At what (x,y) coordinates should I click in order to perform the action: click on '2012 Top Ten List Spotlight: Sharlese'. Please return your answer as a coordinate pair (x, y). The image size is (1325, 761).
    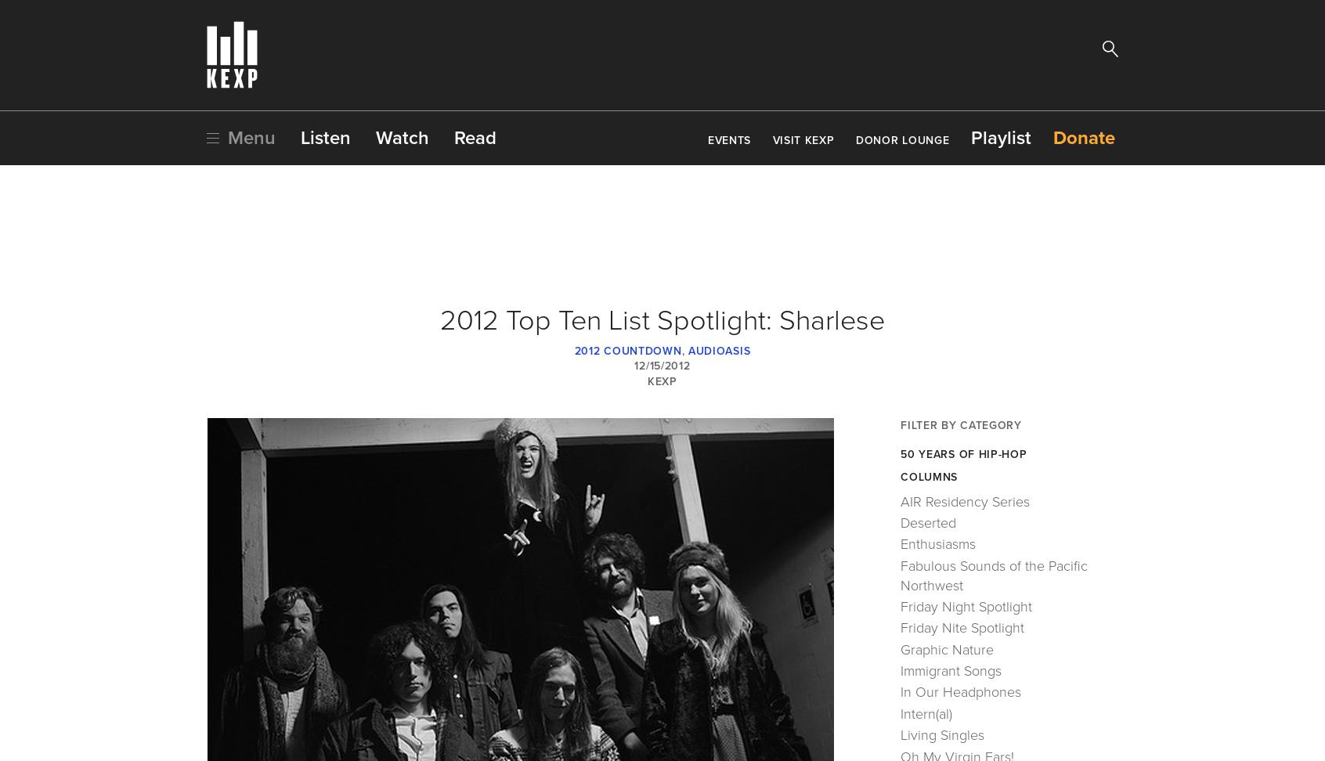
    Looking at the image, I should click on (662, 320).